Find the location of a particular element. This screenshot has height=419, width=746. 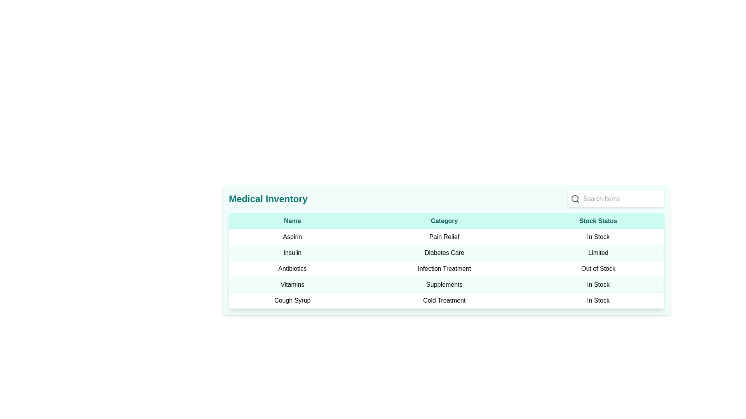

the bottom-most row of the table in the 'Medical Inventory' section that represents 'Cough Syrup', 'Cold Treatment', and 'In Stock' is located at coordinates (446, 300).